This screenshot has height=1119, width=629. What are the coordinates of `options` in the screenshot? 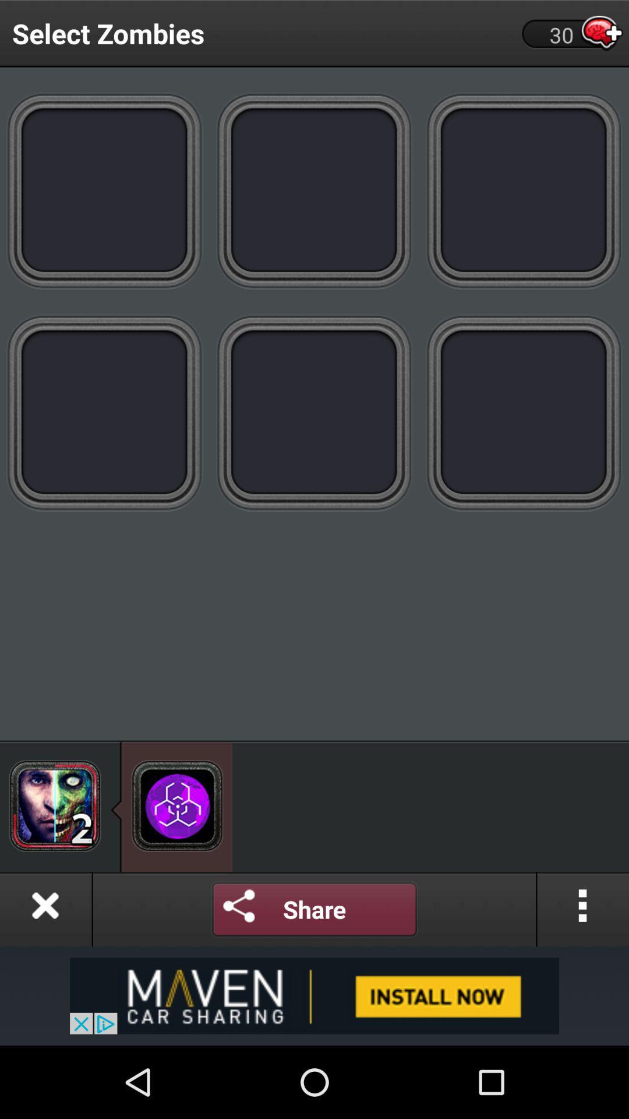 It's located at (583, 909).